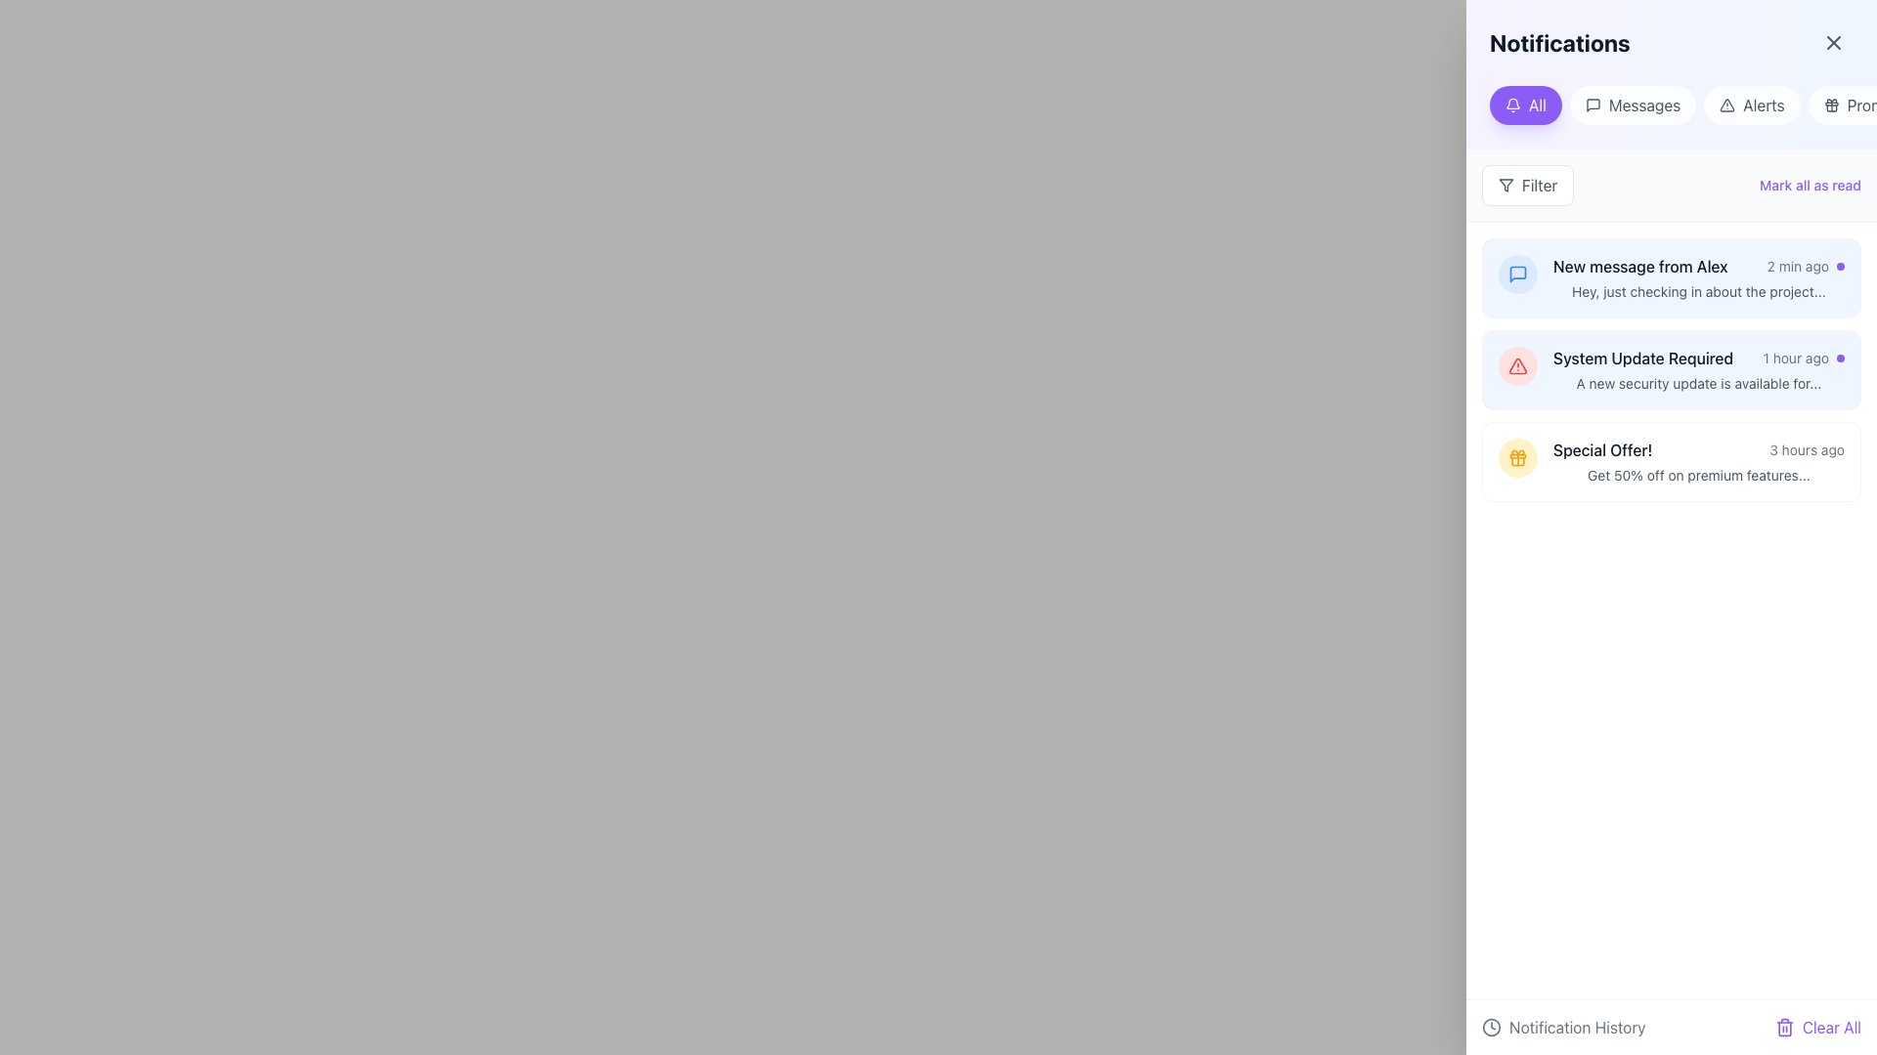 The image size is (1877, 1055). What do you see at coordinates (1806, 450) in the screenshot?
I see `the text label that provides relative timing information located in the bottom-most notification box, to the right of the 'Special Offer!' text` at bounding box center [1806, 450].